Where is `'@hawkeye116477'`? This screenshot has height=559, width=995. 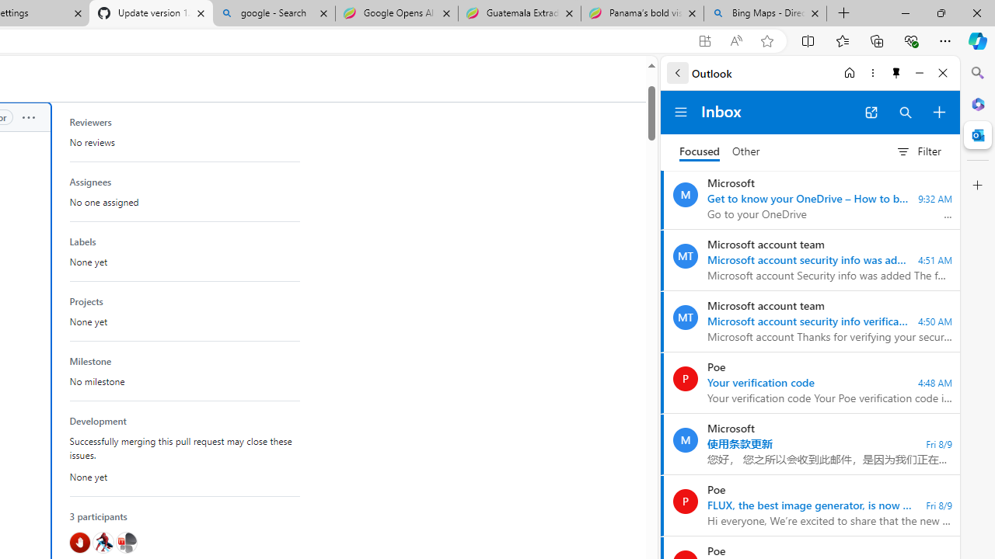 '@hawkeye116477' is located at coordinates (102, 542).